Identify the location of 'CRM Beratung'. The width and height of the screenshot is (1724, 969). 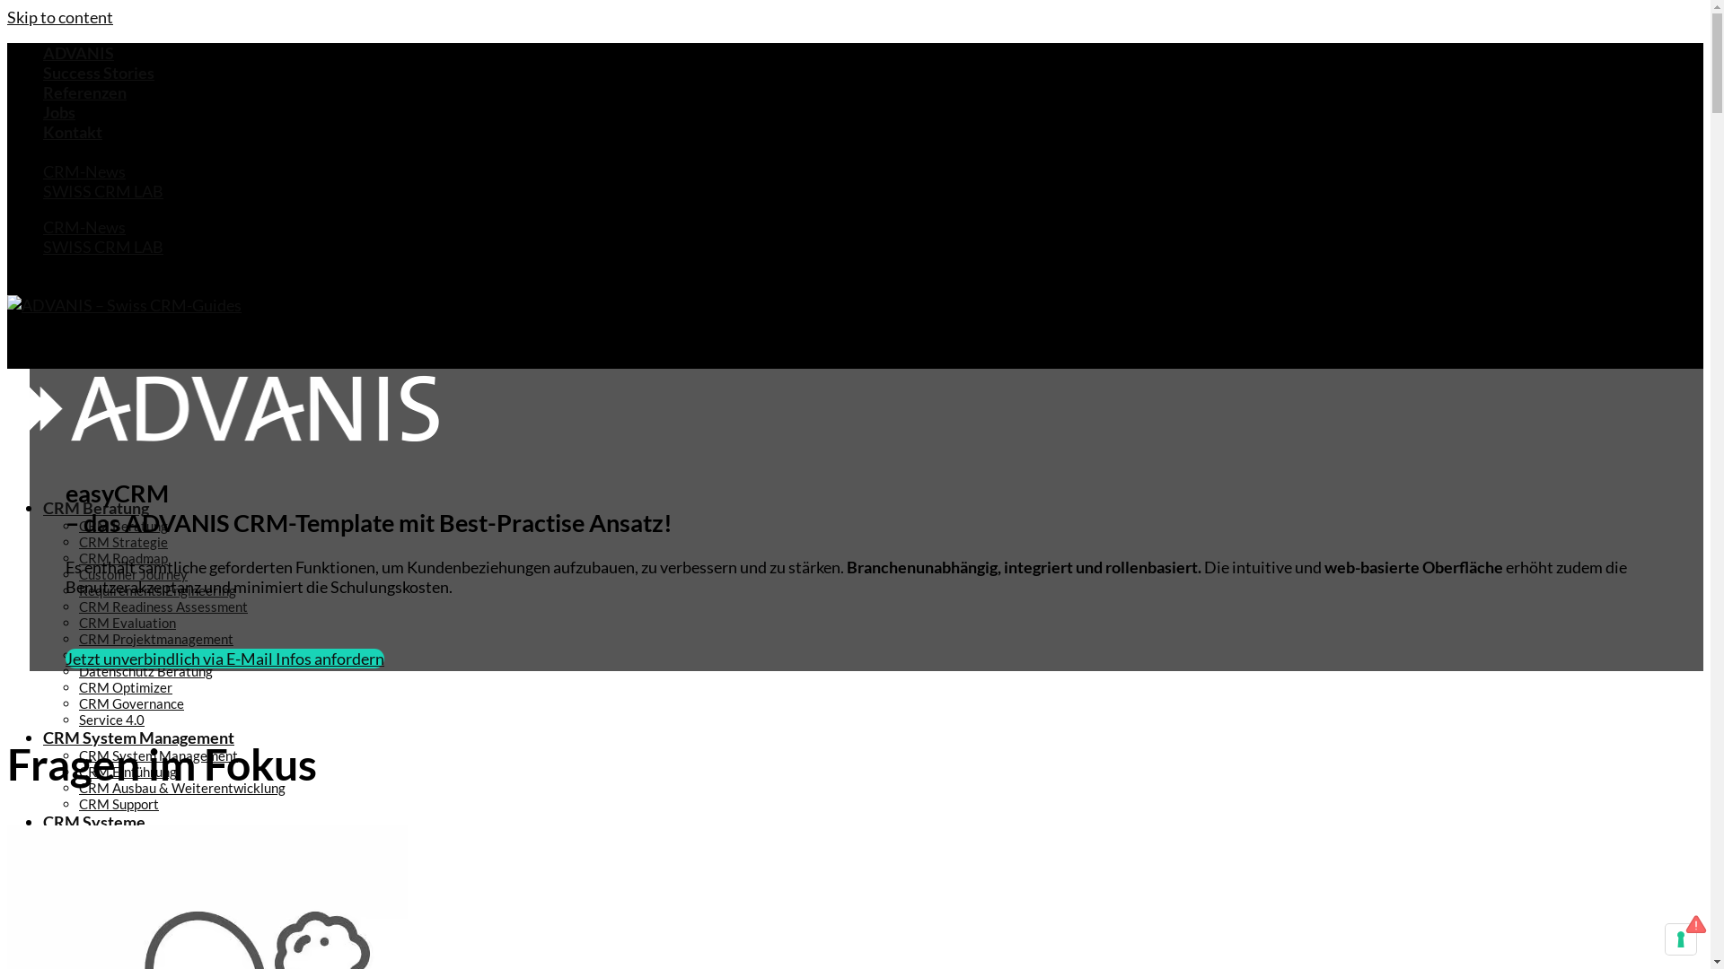
(122, 525).